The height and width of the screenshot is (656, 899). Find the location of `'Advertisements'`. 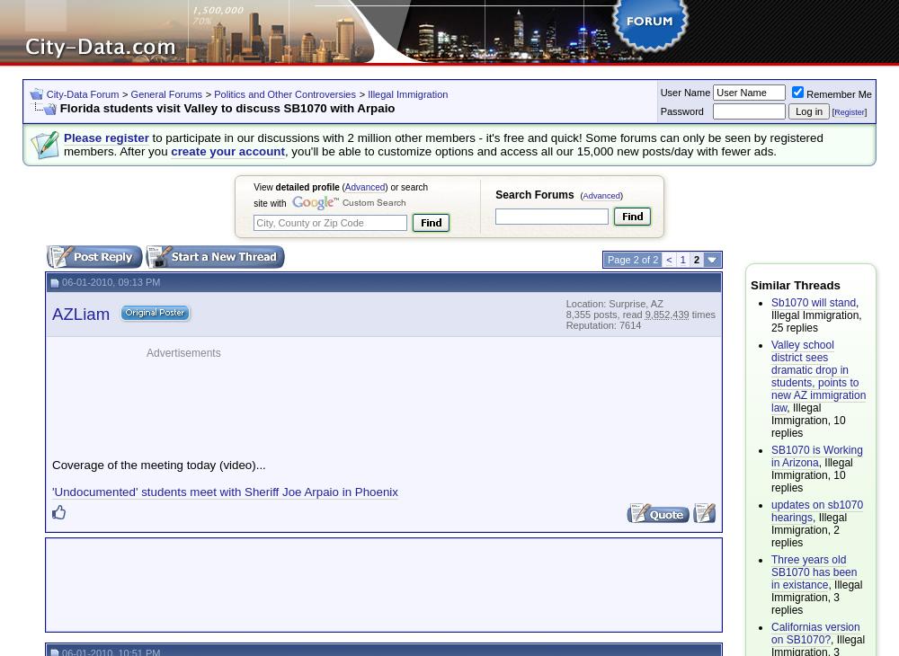

'Advertisements' is located at coordinates (182, 351).